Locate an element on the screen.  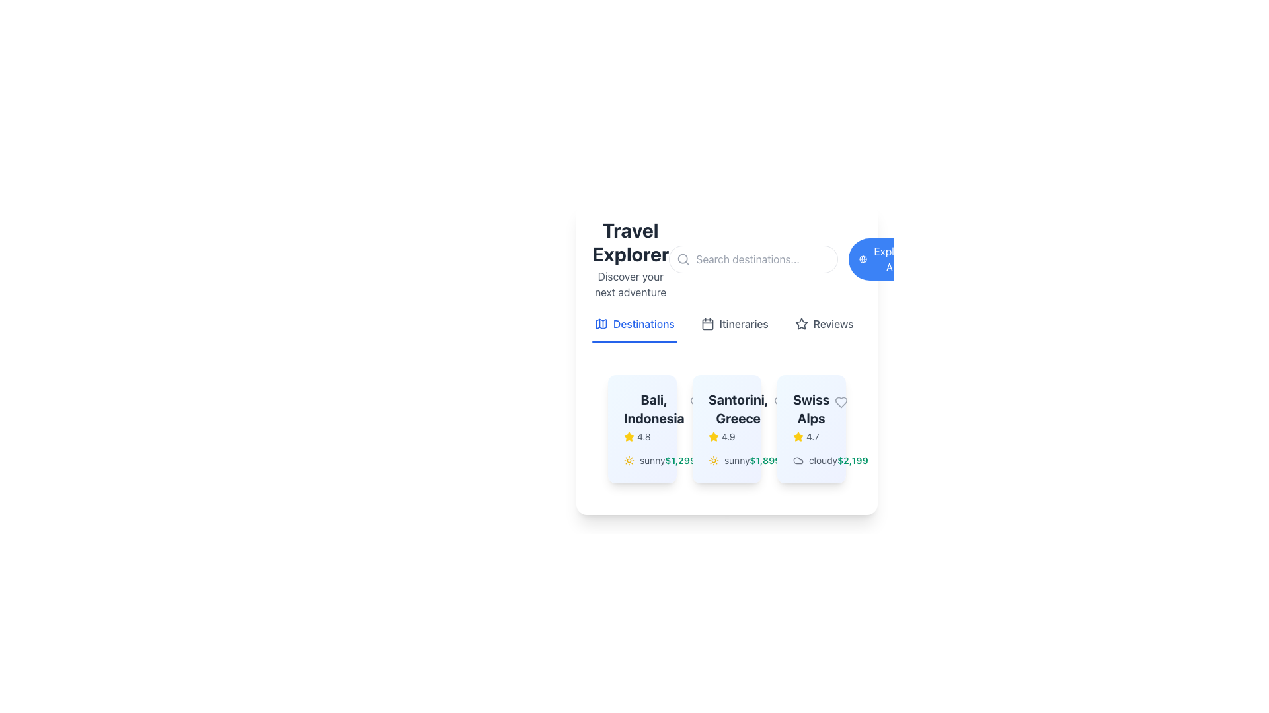
text label that displays the rating value for the destination 'Bali, Indonesia', which is located to the right of the yellow star icon in the rating section is located at coordinates (644, 437).